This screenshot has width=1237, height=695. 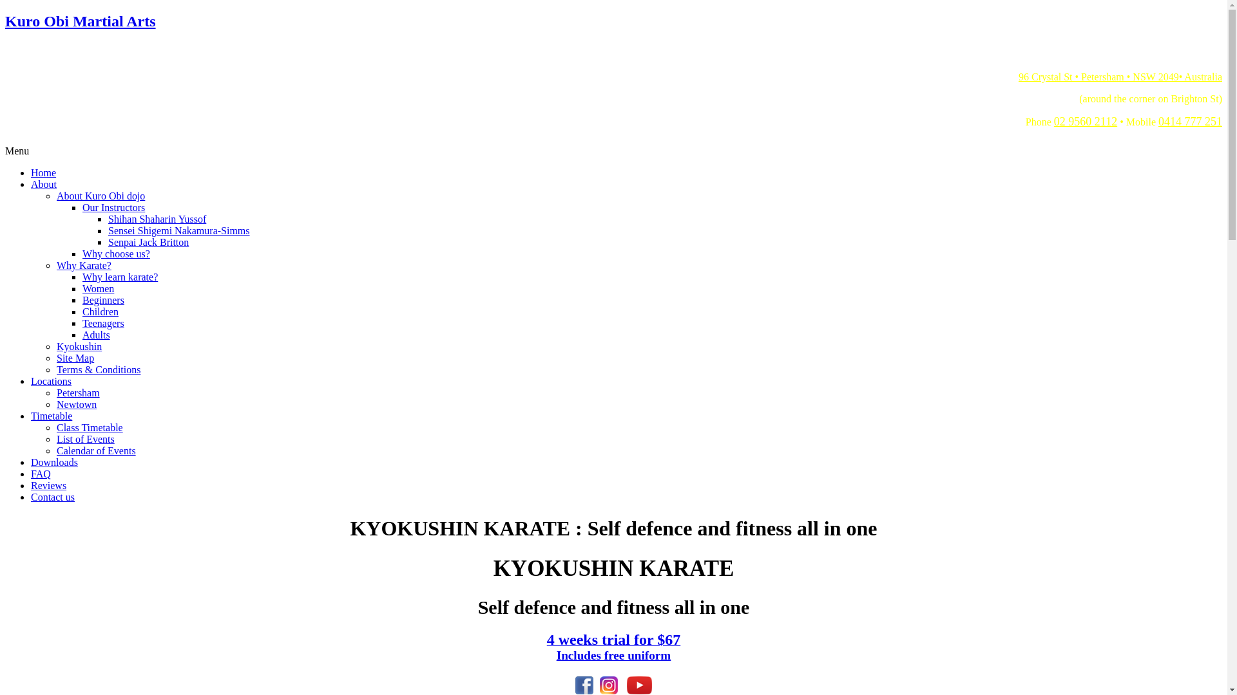 What do you see at coordinates (120, 276) in the screenshot?
I see `'Why learn karate?'` at bounding box center [120, 276].